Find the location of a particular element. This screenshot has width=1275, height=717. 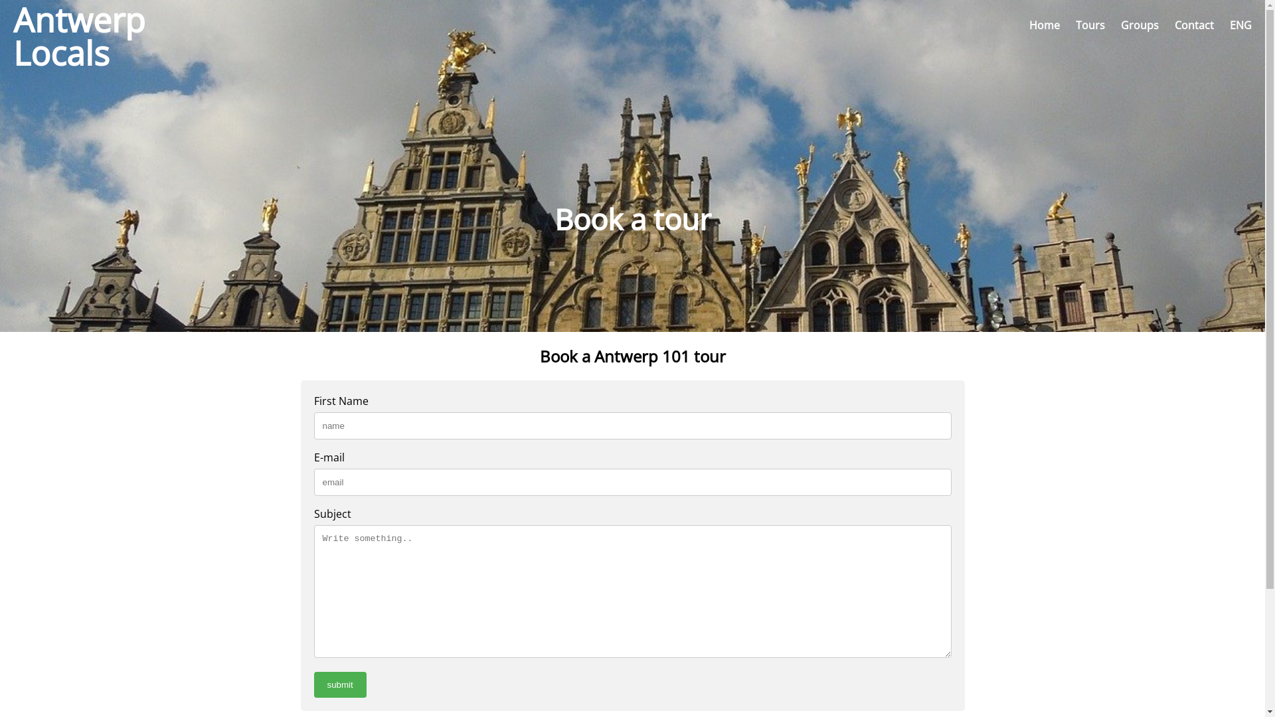

'Contact' is located at coordinates (1194, 25).